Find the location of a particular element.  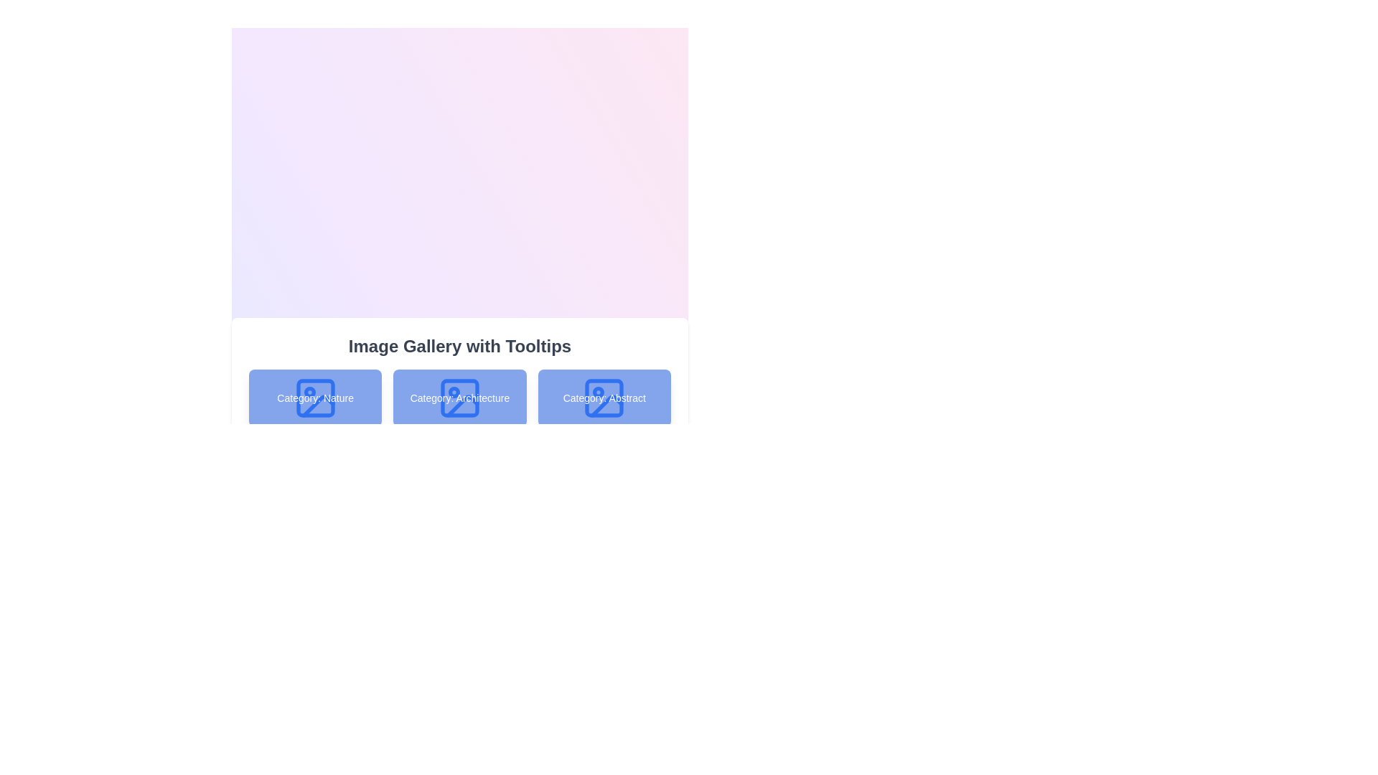

the blue SVG decorative icon representing a picture located at the center of the button labeled 'Category: Architecture' is located at coordinates (459, 398).